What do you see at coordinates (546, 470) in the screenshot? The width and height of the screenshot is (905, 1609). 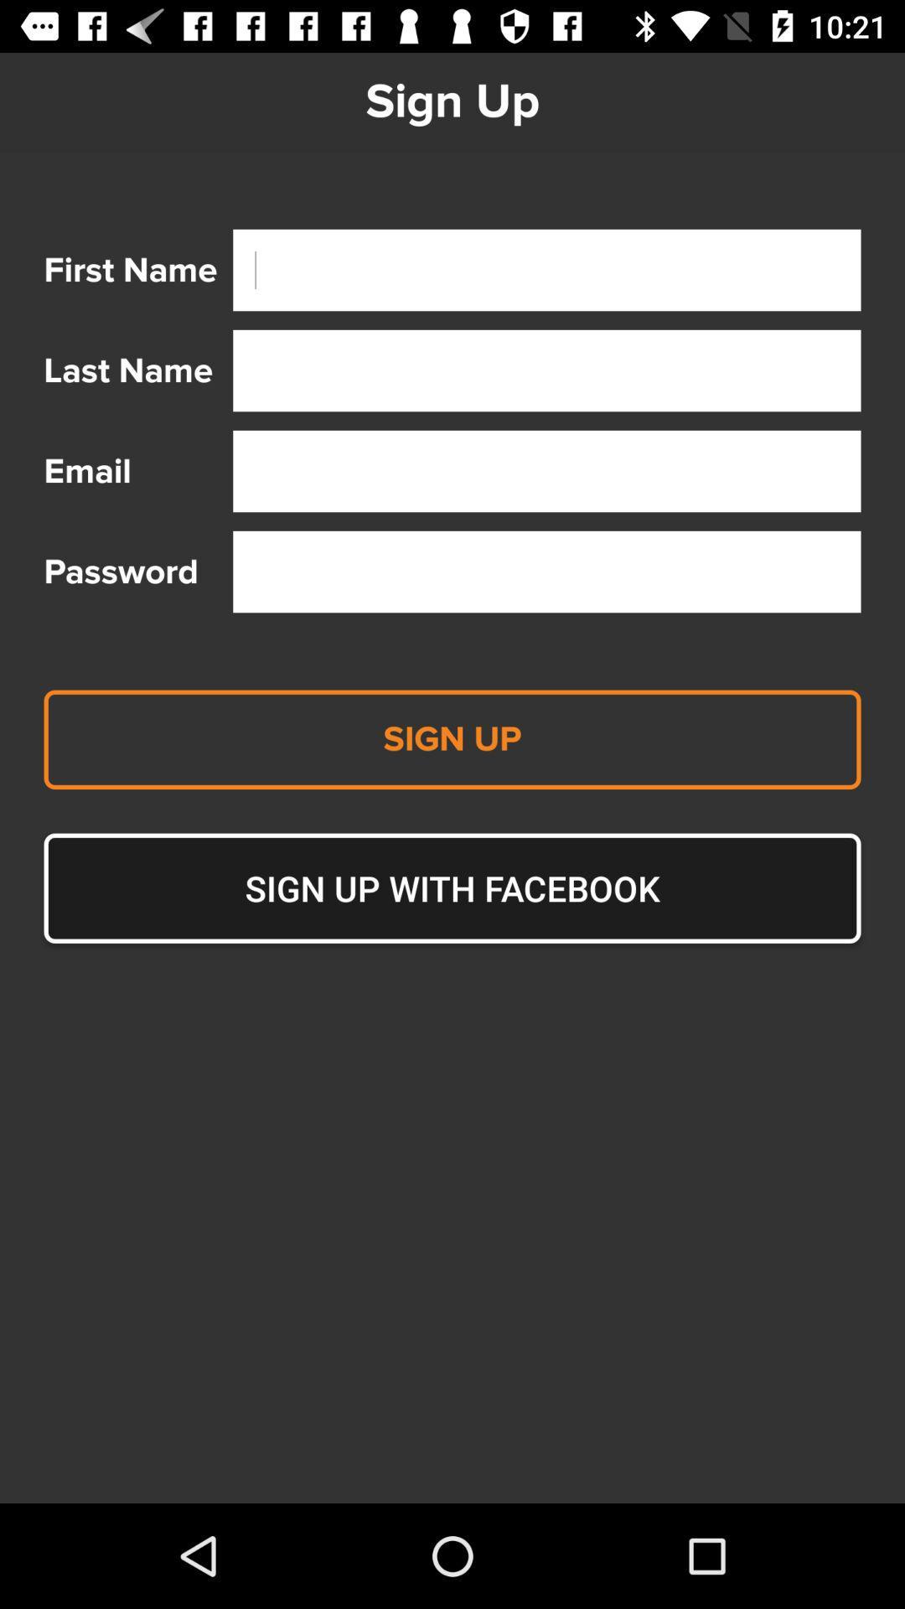 I see `the icon to the right of email icon` at bounding box center [546, 470].